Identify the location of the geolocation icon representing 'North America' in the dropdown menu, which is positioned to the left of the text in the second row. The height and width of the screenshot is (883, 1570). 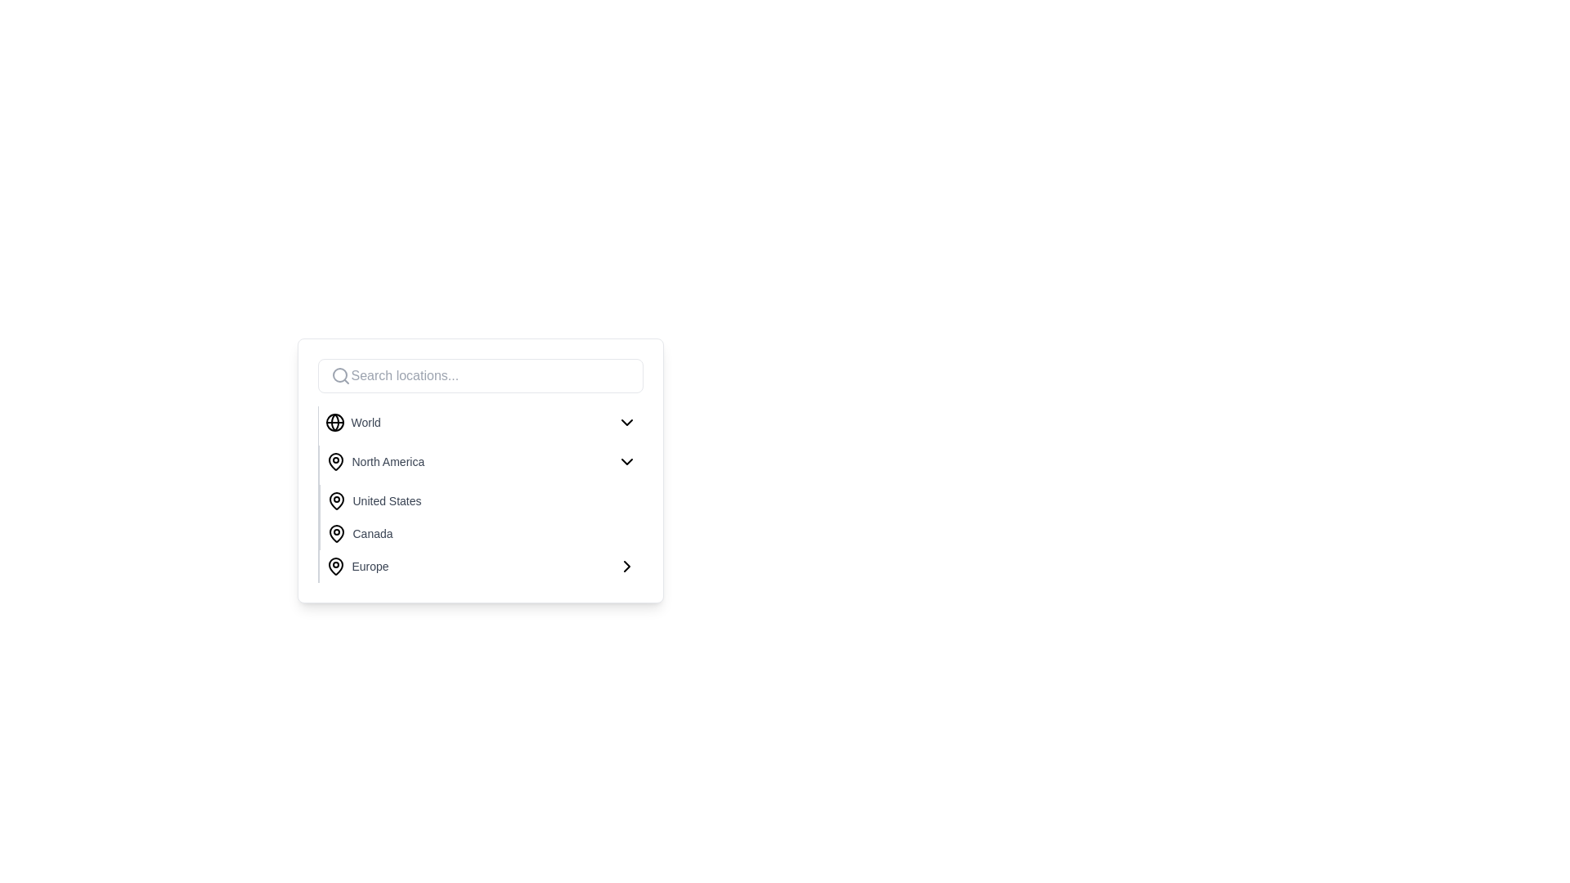
(334, 461).